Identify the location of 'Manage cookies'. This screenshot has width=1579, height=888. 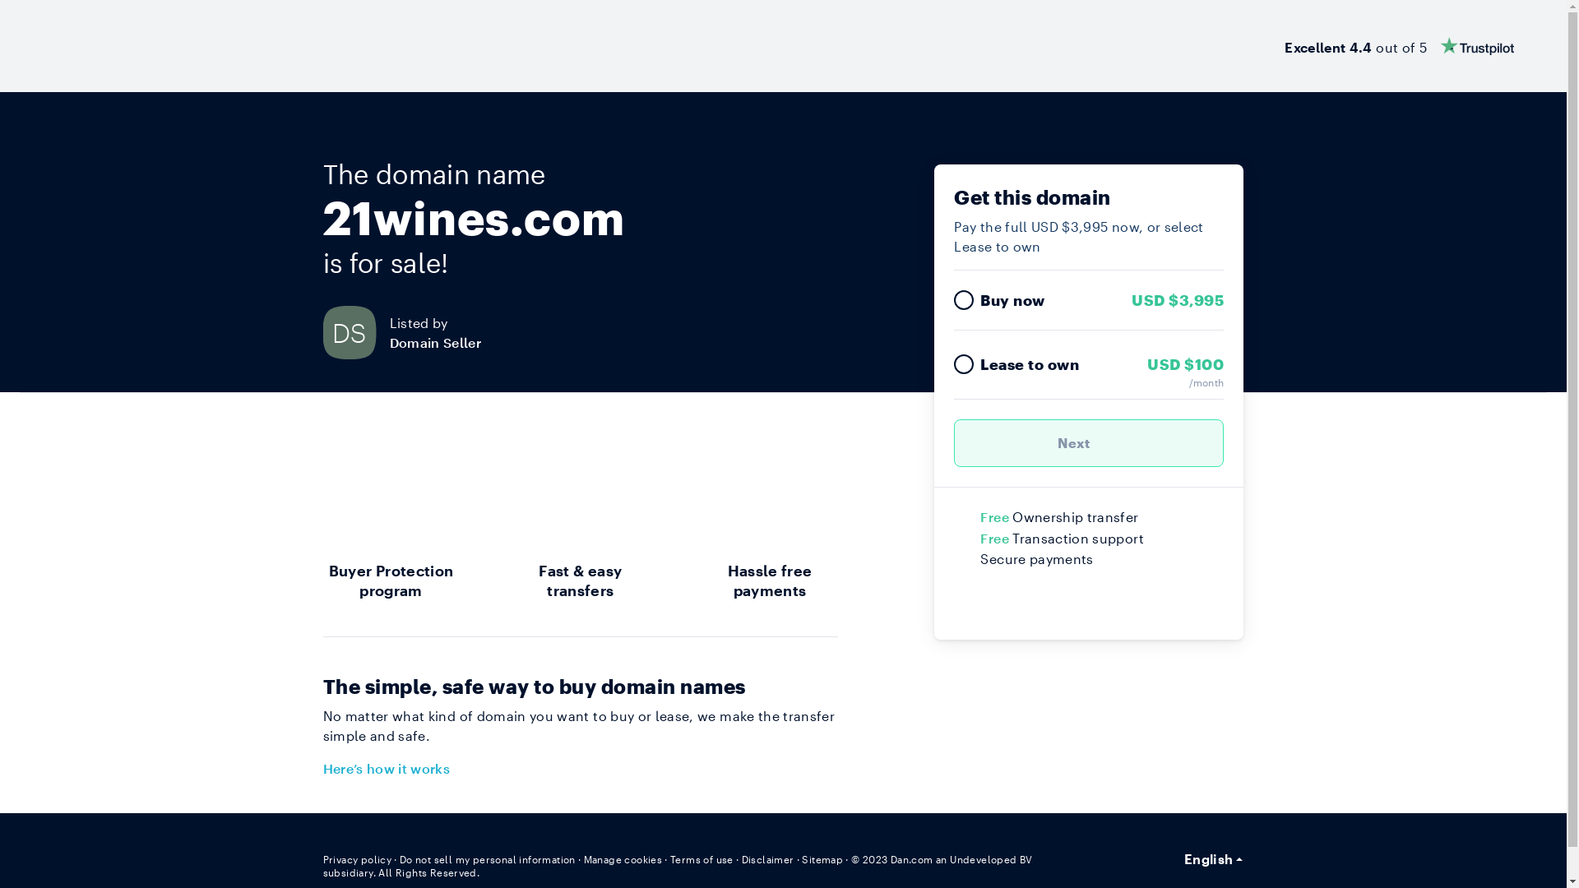
(623, 858).